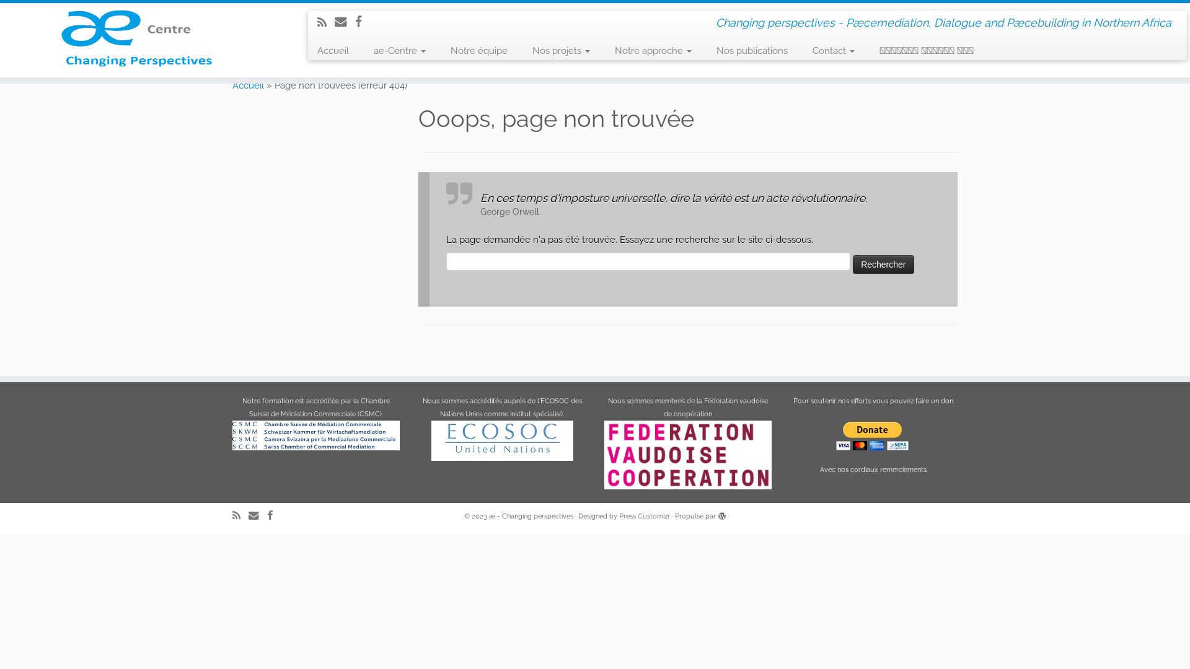 The height and width of the screenshot is (669, 1190). What do you see at coordinates (267, 515) in the screenshot?
I see `'Suivez-moi sur Facebook'` at bounding box center [267, 515].